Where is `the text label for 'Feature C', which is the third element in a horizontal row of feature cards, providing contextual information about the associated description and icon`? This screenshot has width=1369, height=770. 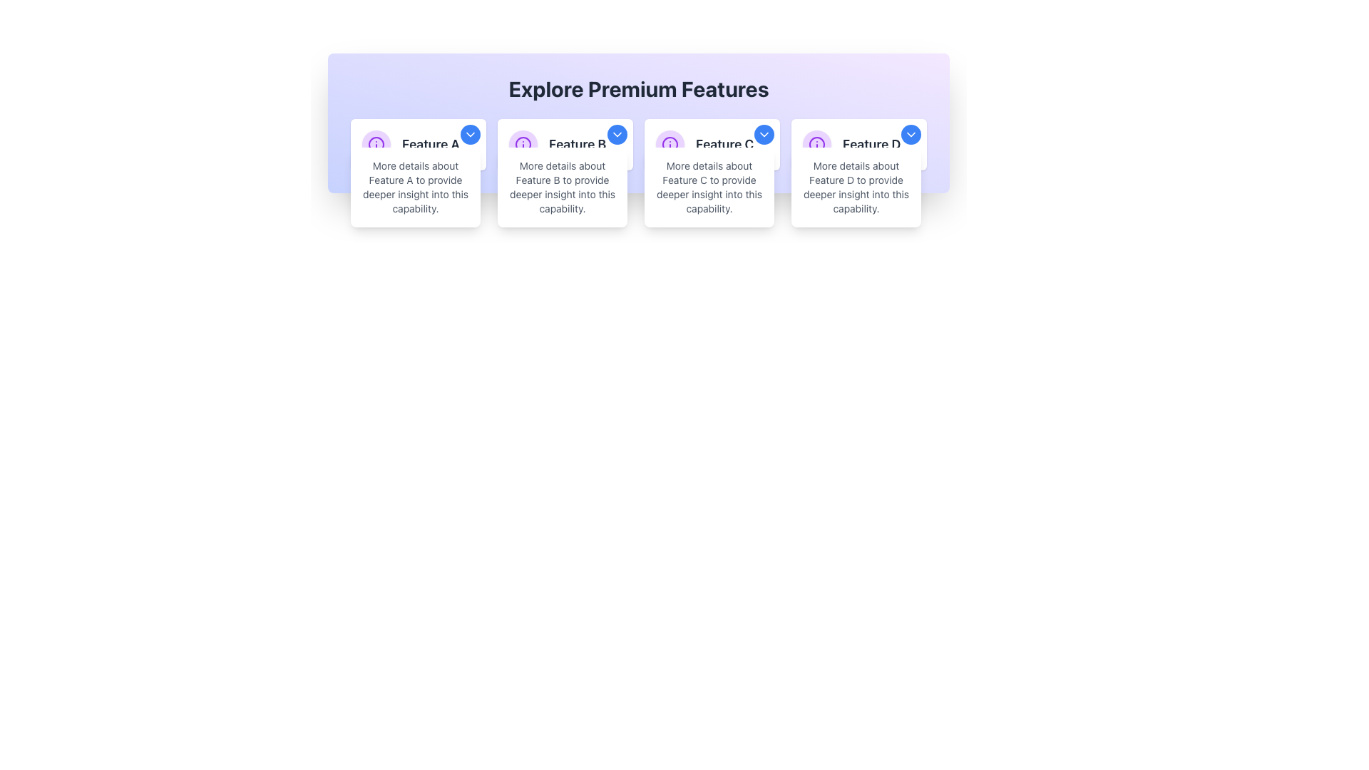 the text label for 'Feature C', which is the third element in a horizontal row of feature cards, providing contextual information about the associated description and icon is located at coordinates (724, 145).